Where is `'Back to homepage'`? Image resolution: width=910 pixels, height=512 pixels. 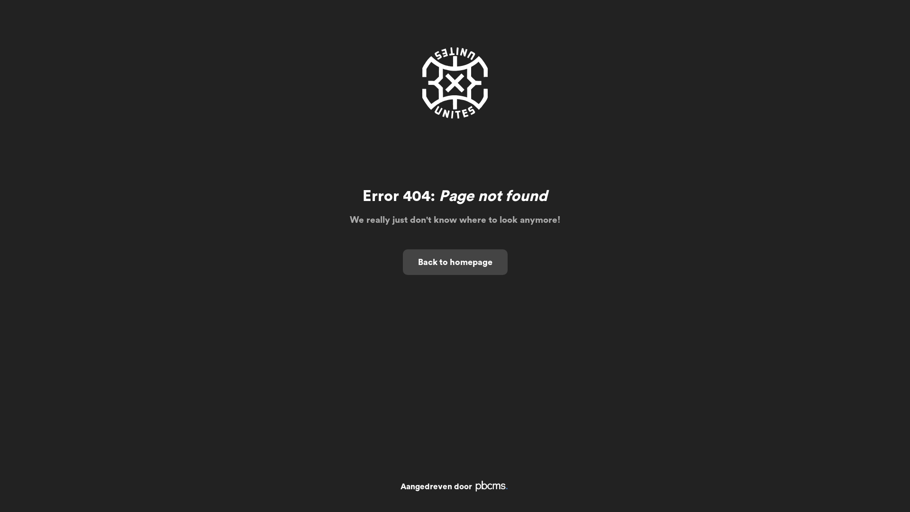
'Back to homepage' is located at coordinates (455, 262).